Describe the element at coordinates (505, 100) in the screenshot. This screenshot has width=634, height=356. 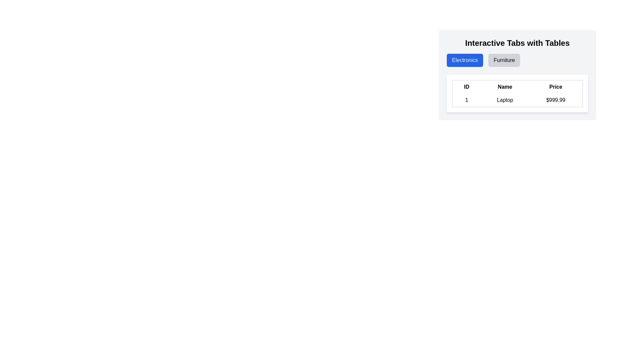
I see `the text label that contains the text 'Laptop', which is centrally aligned in the 'Name' column of the table, positioned between the 'ID' and 'Price' columns` at that location.